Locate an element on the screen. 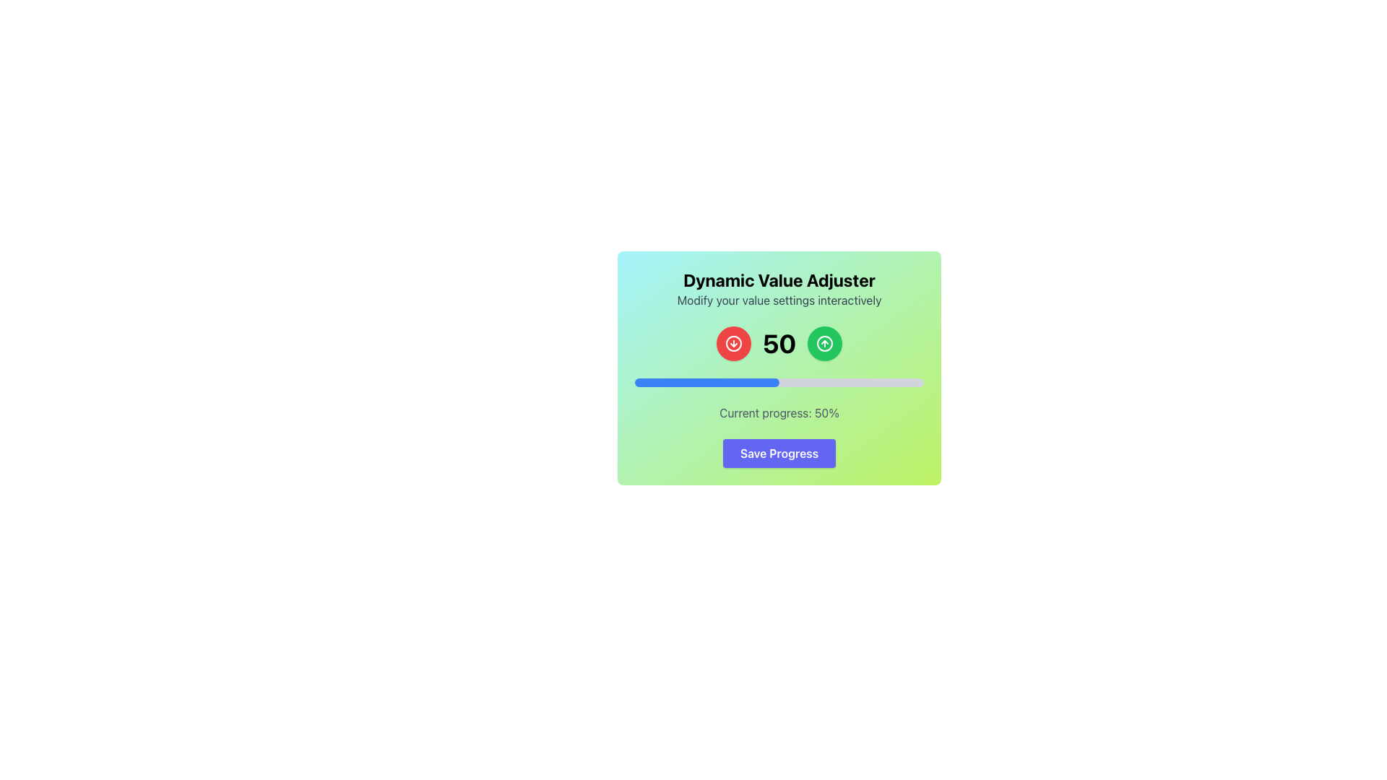 The width and height of the screenshot is (1387, 780). value displayed in the text section showing '50', which is prominently placed between a red button and a green button in a horizontal layout is located at coordinates (779, 343).